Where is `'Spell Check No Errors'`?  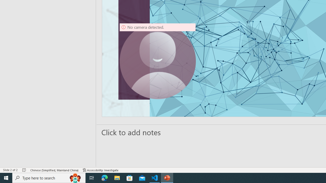
'Spell Check No Errors' is located at coordinates (24, 170).